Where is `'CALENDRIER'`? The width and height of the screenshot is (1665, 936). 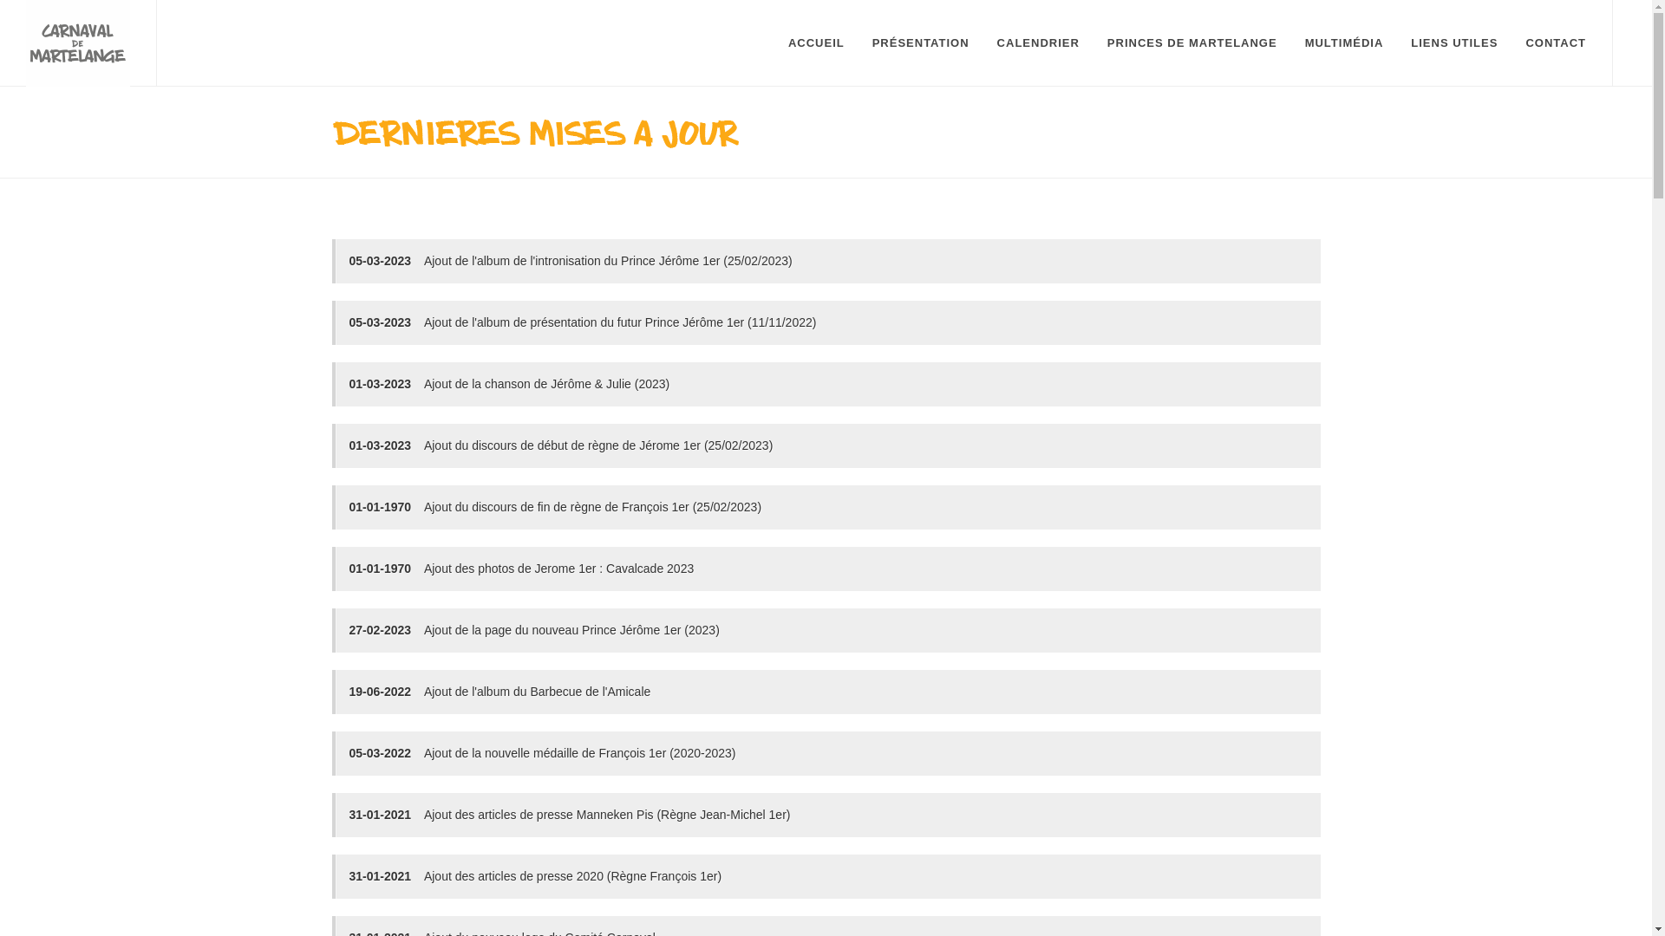 'CALENDRIER' is located at coordinates (983, 42).